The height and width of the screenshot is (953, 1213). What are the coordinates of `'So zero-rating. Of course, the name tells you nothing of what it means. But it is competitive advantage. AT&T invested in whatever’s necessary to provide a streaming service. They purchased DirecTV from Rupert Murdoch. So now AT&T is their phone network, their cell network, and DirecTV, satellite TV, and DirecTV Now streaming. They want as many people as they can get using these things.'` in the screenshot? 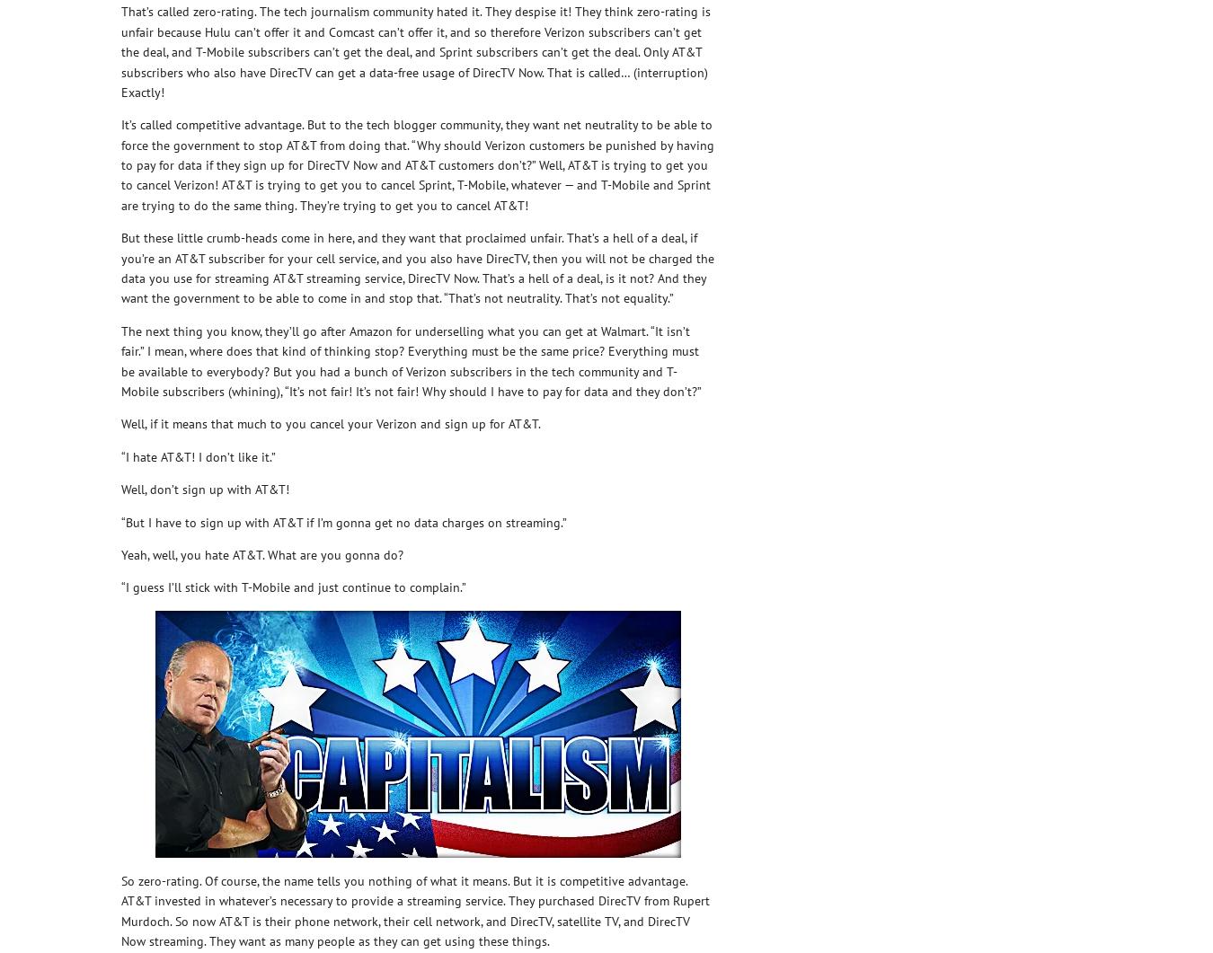 It's located at (414, 909).